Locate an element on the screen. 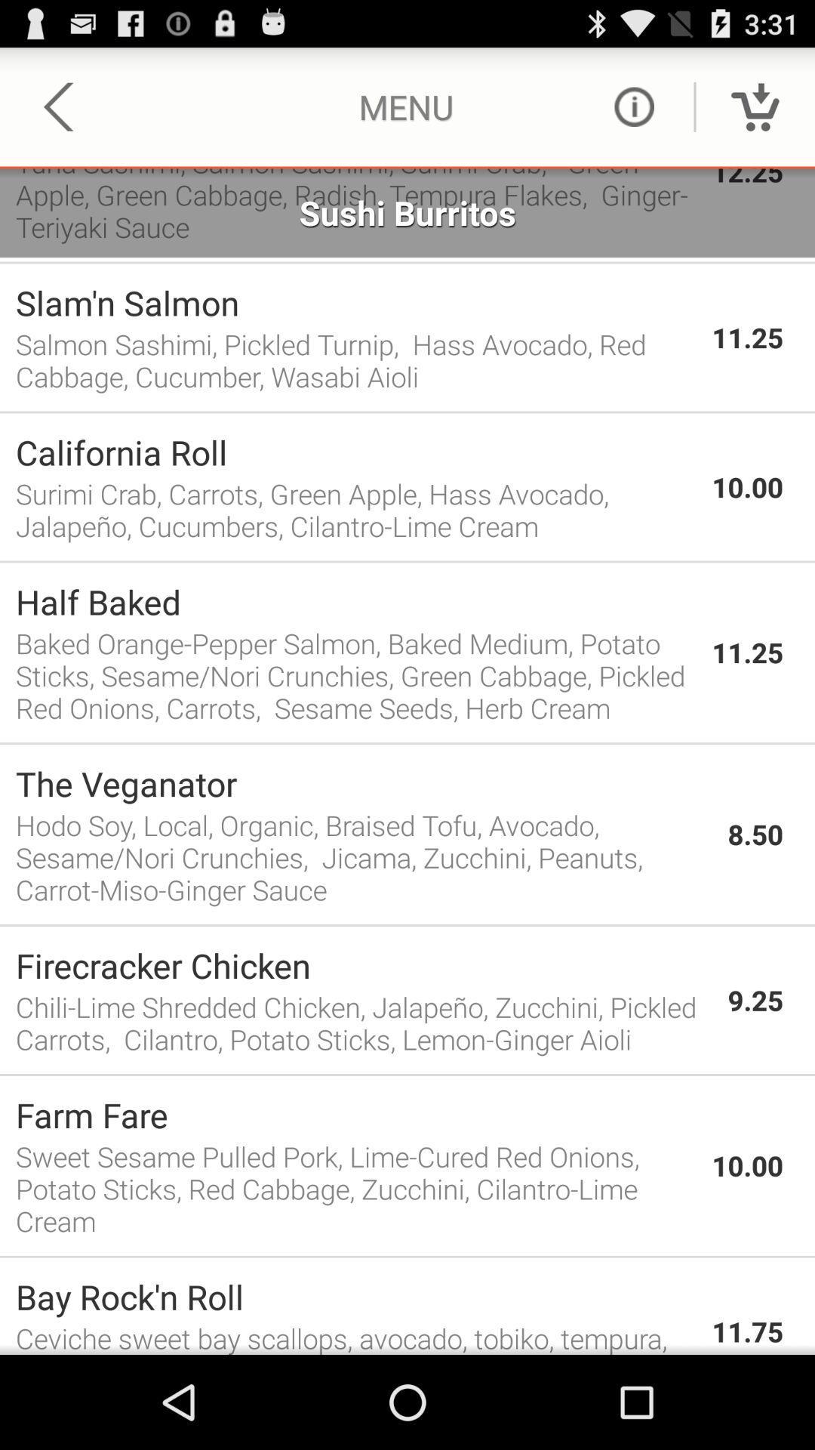 This screenshot has width=815, height=1450. the app above the hodo soy local icon is located at coordinates (364, 783).